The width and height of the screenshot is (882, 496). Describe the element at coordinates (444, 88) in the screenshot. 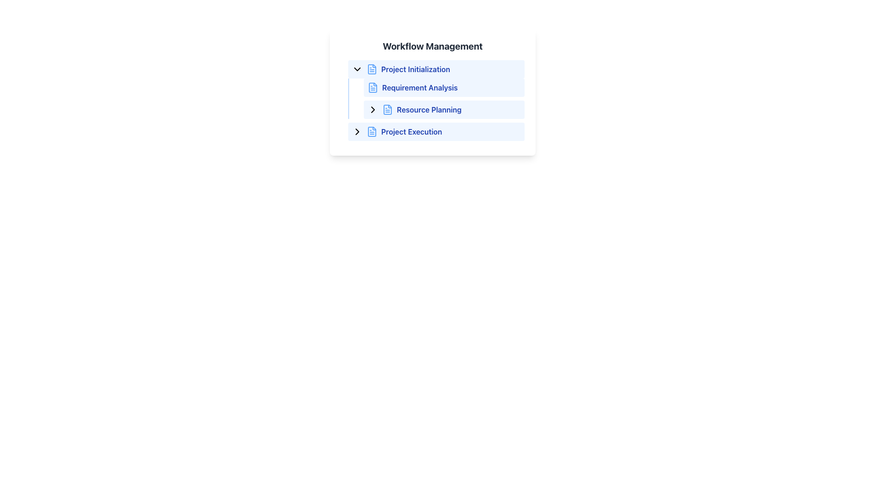

I see `the 'Requirement Analysis' label within the Workflow Management section, which is styled with a bold blue font and has a document icon to its left` at that location.